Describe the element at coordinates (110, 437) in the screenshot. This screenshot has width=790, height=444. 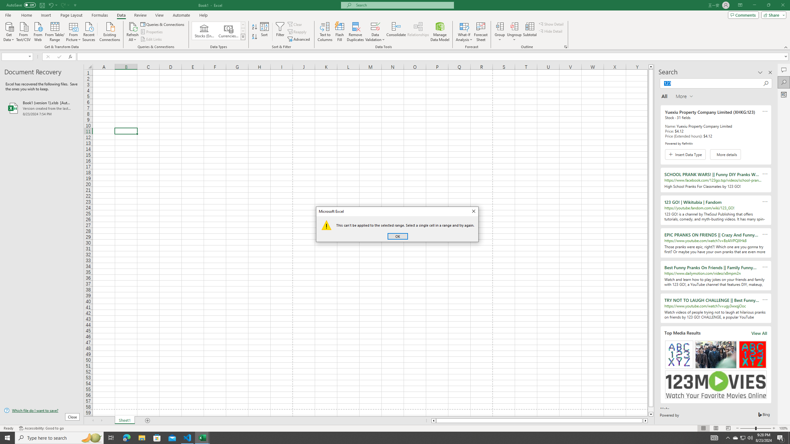
I see `'Task View'` at that location.